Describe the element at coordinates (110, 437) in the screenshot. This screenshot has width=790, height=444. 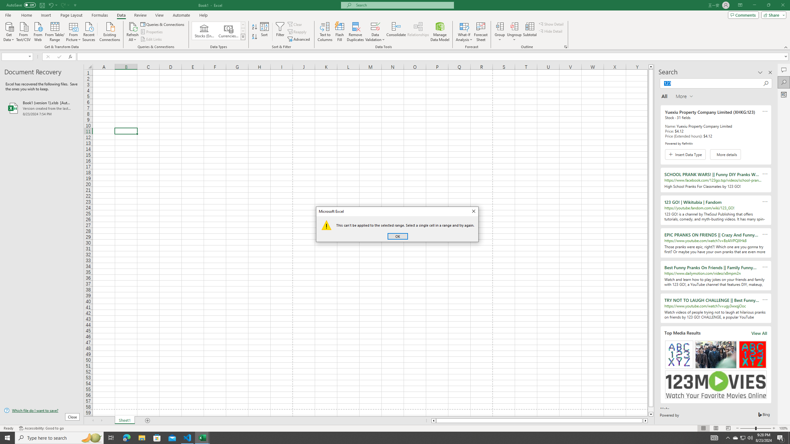
I see `'Task View'` at that location.